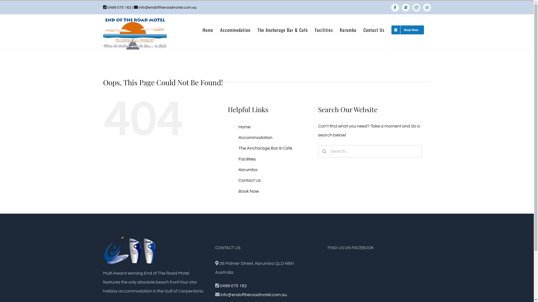  I want to click on 'The Anchorage Bar & Cafe', so click(265, 148).